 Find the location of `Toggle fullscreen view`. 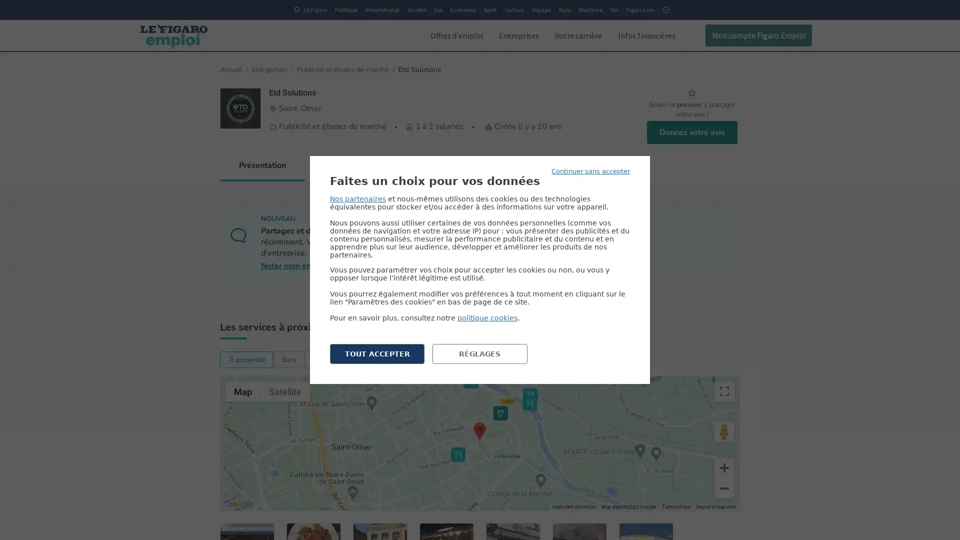

Toggle fullscreen view is located at coordinates (724, 391).